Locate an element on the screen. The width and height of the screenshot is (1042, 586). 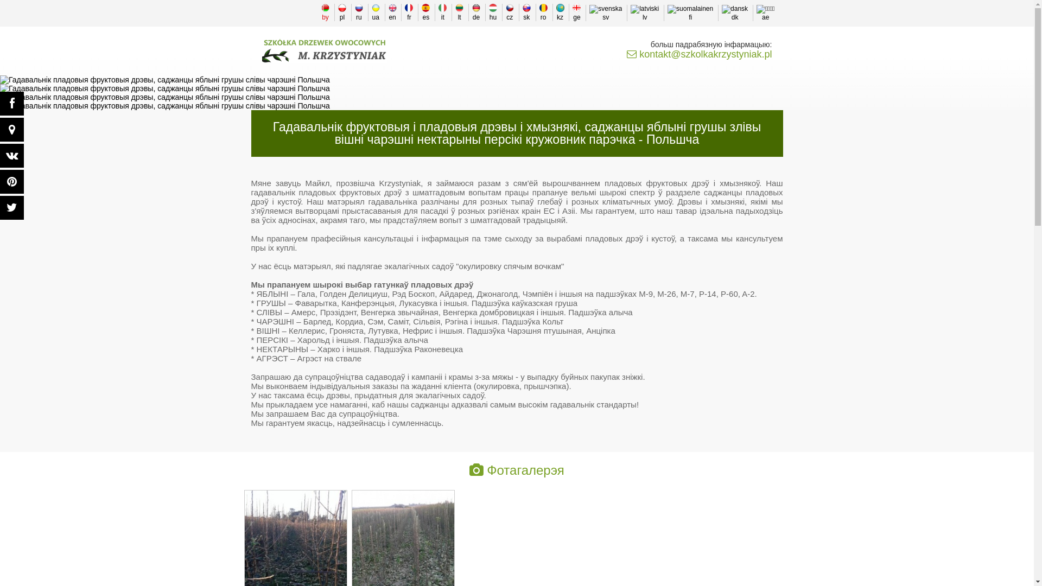
'cz' is located at coordinates (509, 12).